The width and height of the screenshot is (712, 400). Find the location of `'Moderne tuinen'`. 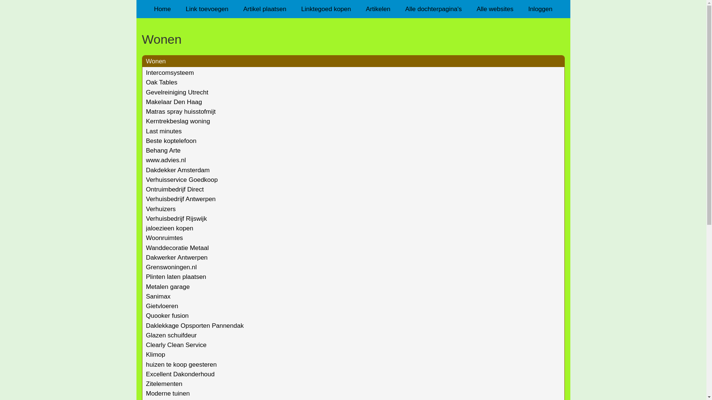

'Moderne tuinen' is located at coordinates (167, 393).